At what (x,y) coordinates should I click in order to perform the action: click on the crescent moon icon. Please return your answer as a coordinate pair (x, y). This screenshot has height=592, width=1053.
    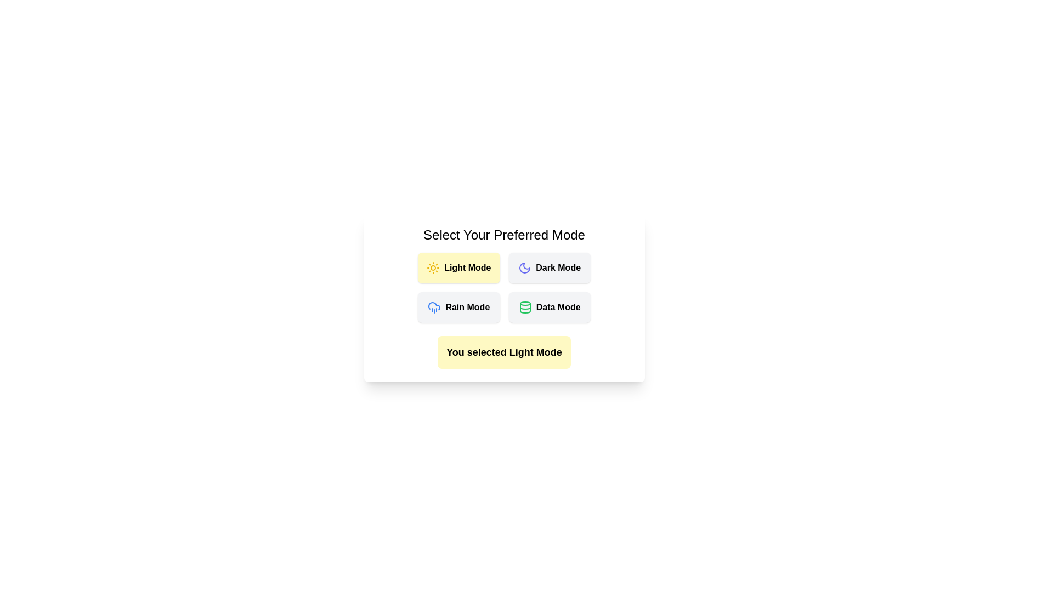
    Looking at the image, I should click on (524, 268).